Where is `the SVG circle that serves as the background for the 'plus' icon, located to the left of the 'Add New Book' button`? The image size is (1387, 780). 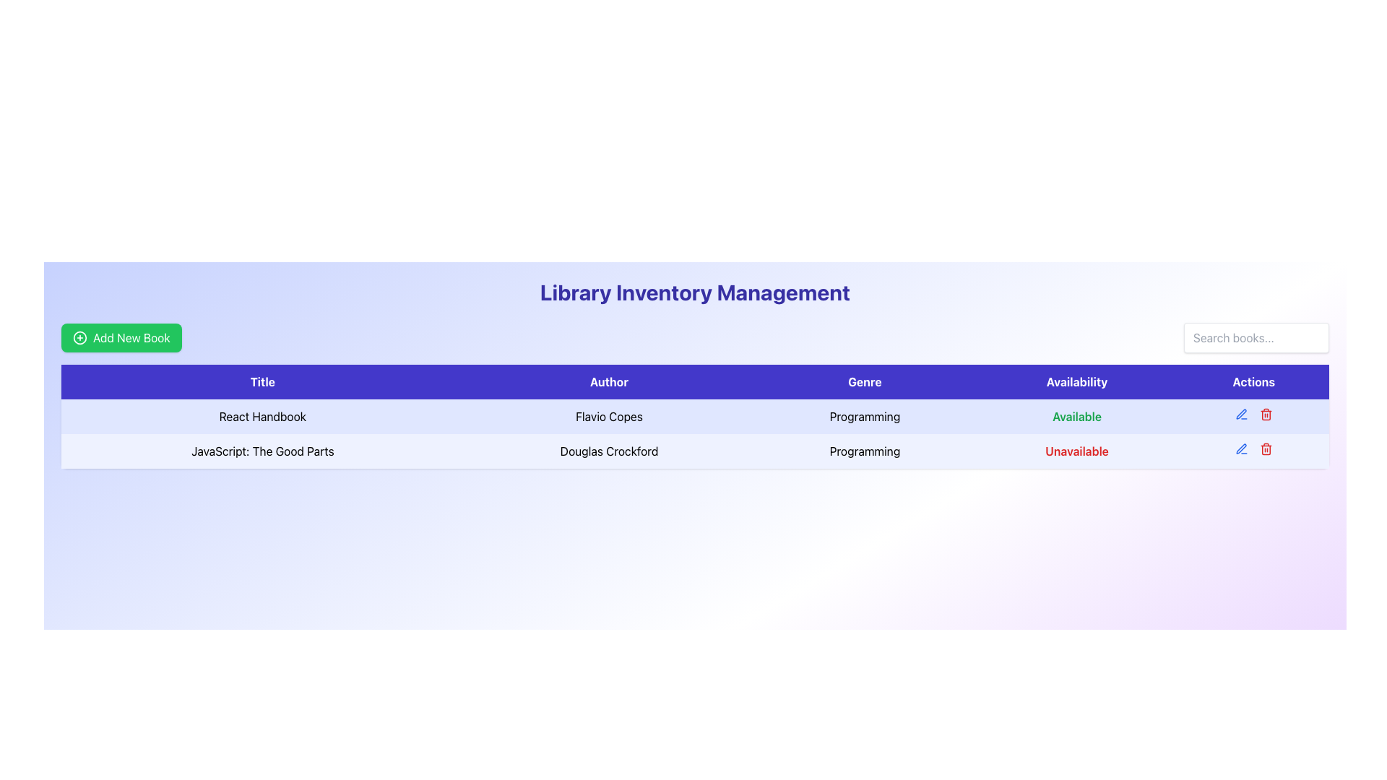 the SVG circle that serves as the background for the 'plus' icon, located to the left of the 'Add New Book' button is located at coordinates (79, 337).